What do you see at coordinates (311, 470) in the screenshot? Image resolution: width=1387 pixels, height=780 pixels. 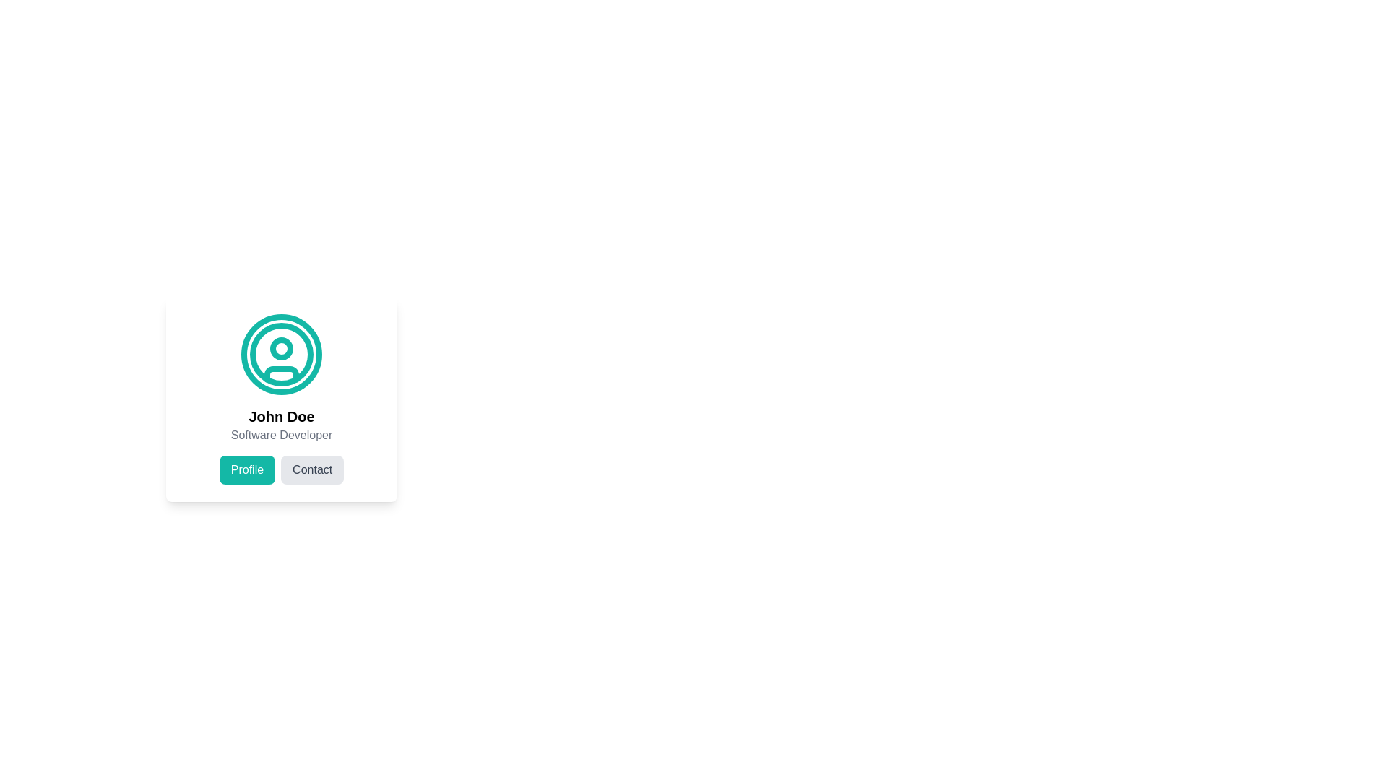 I see `the contact button located to the right of the 'Profile' button, beneath the text 'John Doe - Software Developer', to initiate a contact action` at bounding box center [311, 470].